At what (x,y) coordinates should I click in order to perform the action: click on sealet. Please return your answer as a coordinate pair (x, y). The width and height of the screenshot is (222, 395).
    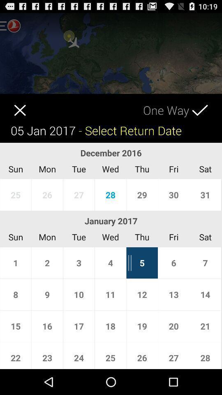
    Looking at the image, I should click on (206, 104).